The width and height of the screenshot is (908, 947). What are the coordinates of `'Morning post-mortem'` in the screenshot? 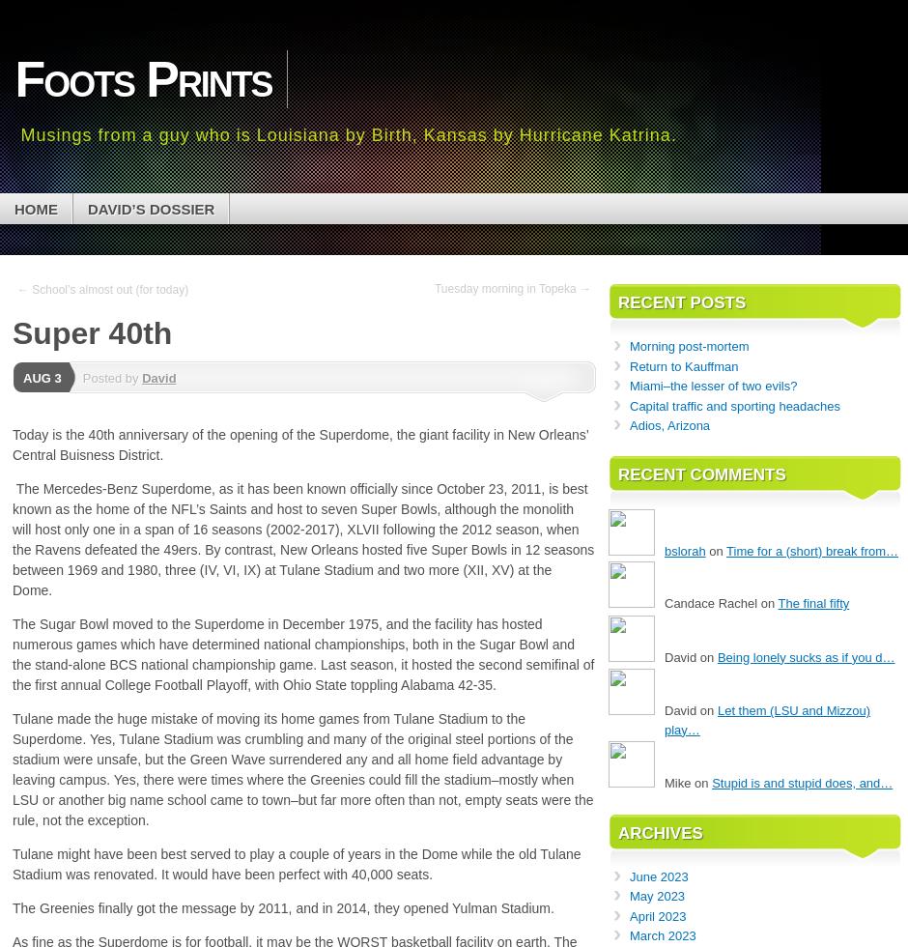 It's located at (689, 346).